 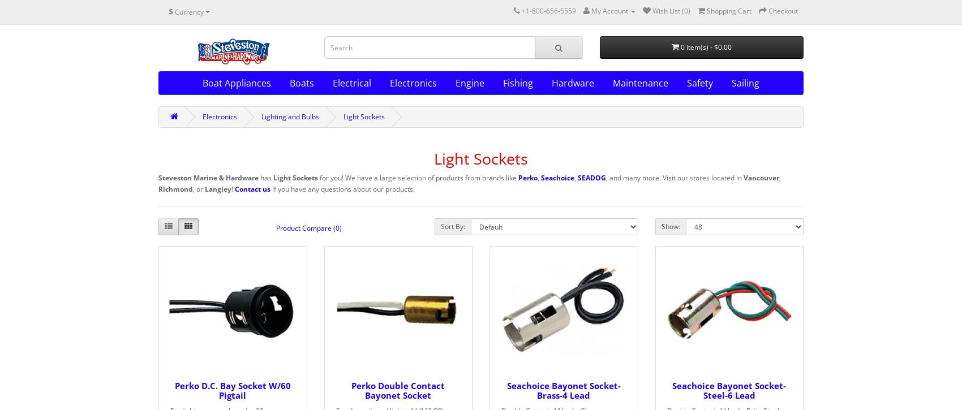 I want to click on 'Seachoice', so click(x=557, y=178).